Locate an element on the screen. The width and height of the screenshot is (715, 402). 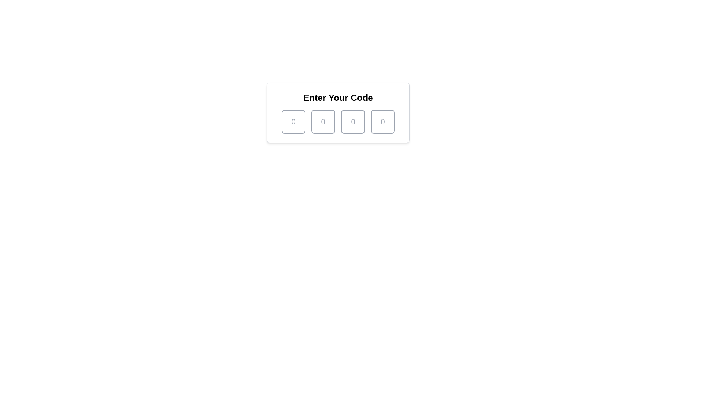
the second input box for entering a single character in the code, which is located below the label 'Enter Your Code' is located at coordinates (323, 121).